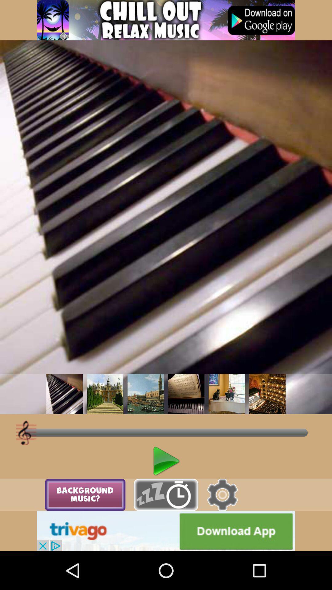 The height and width of the screenshot is (590, 332). What do you see at coordinates (105, 394) in the screenshot?
I see `image` at bounding box center [105, 394].